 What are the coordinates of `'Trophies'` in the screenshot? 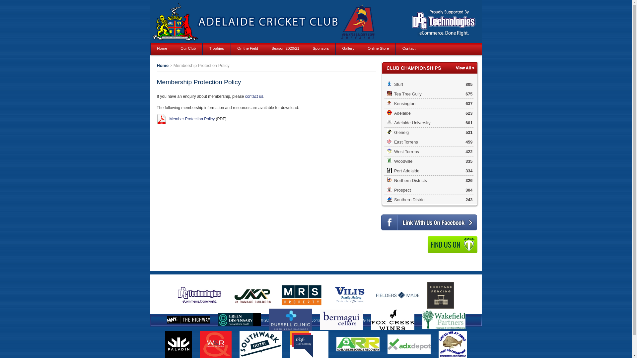 It's located at (216, 48).